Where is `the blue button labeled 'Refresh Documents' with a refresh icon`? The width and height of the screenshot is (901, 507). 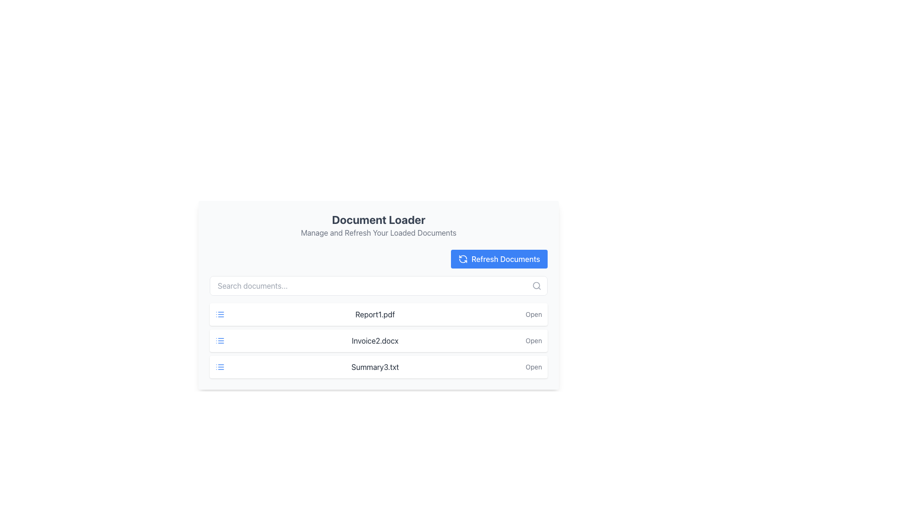
the blue button labeled 'Refresh Documents' with a refresh icon is located at coordinates (498, 259).